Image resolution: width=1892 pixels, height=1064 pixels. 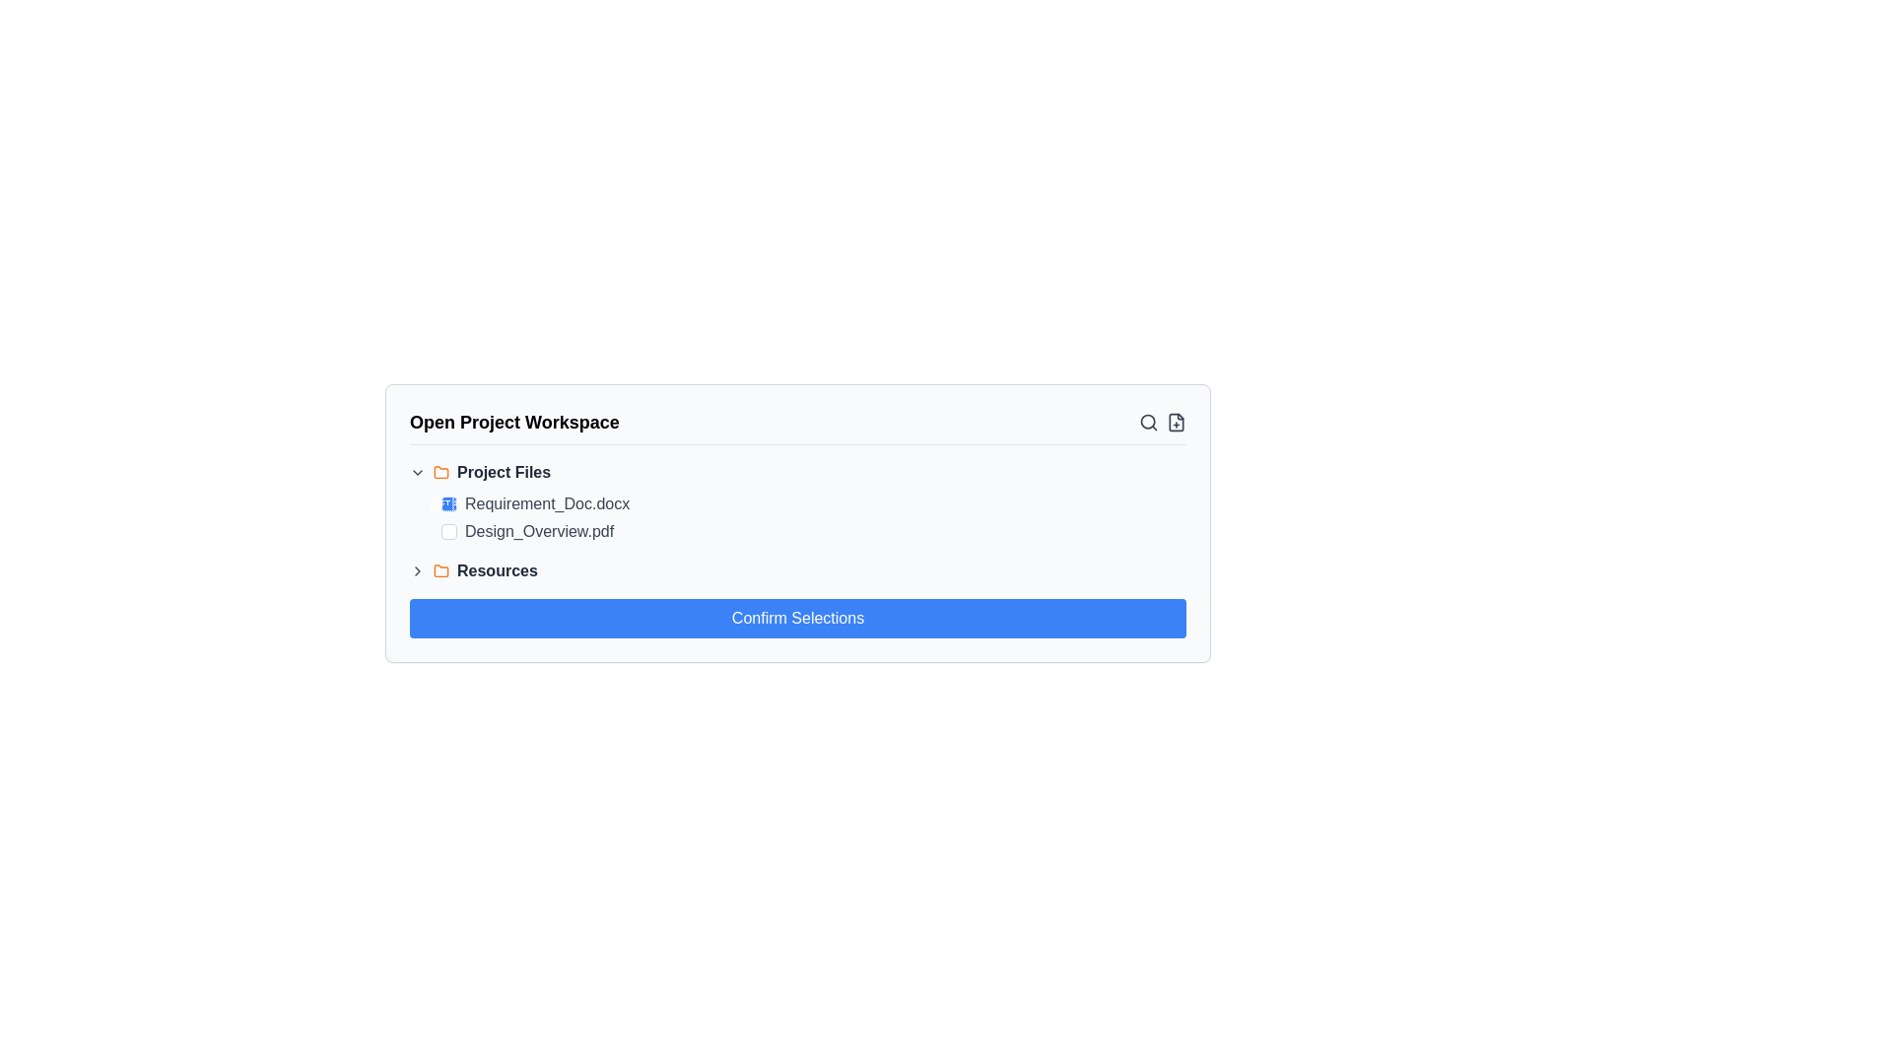 I want to click on the Checkbox-style indicator located to the immediate left of 'Requirement_Doc.docx', so click(x=448, y=503).